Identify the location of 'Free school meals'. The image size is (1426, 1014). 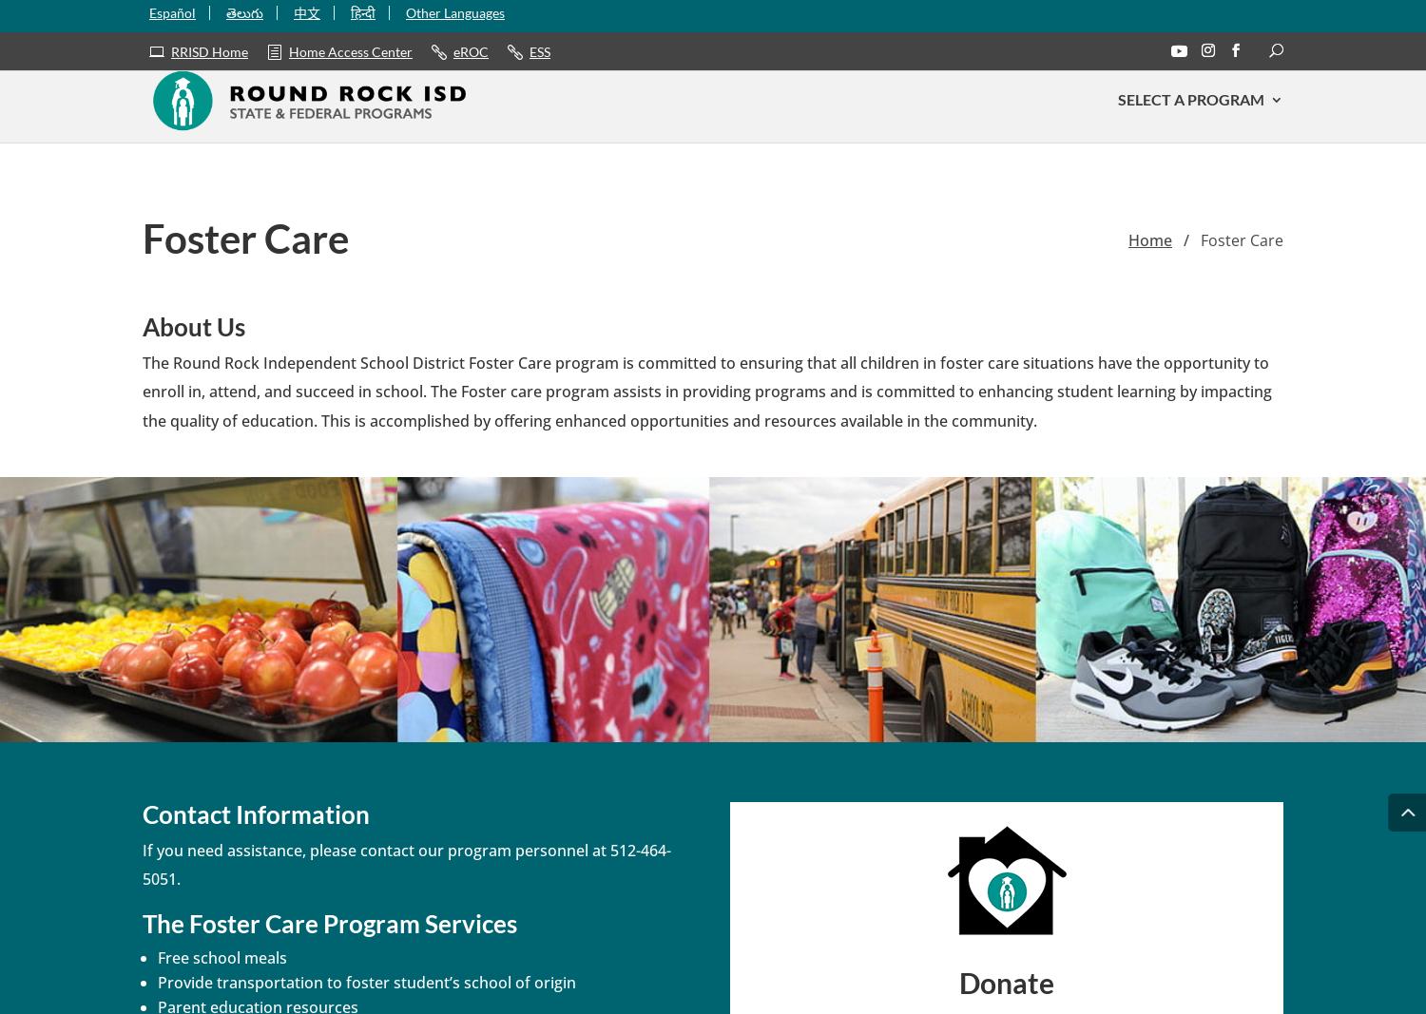
(222, 957).